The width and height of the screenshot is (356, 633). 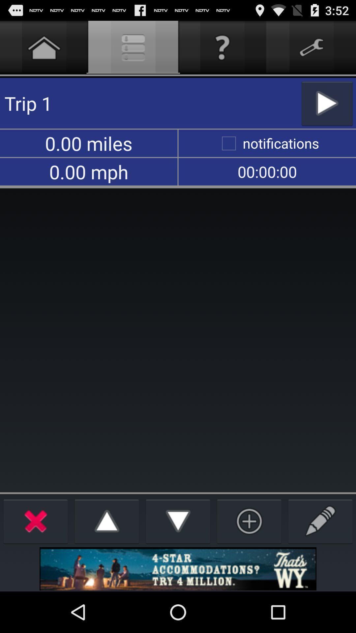 What do you see at coordinates (106, 521) in the screenshot?
I see `up button` at bounding box center [106, 521].